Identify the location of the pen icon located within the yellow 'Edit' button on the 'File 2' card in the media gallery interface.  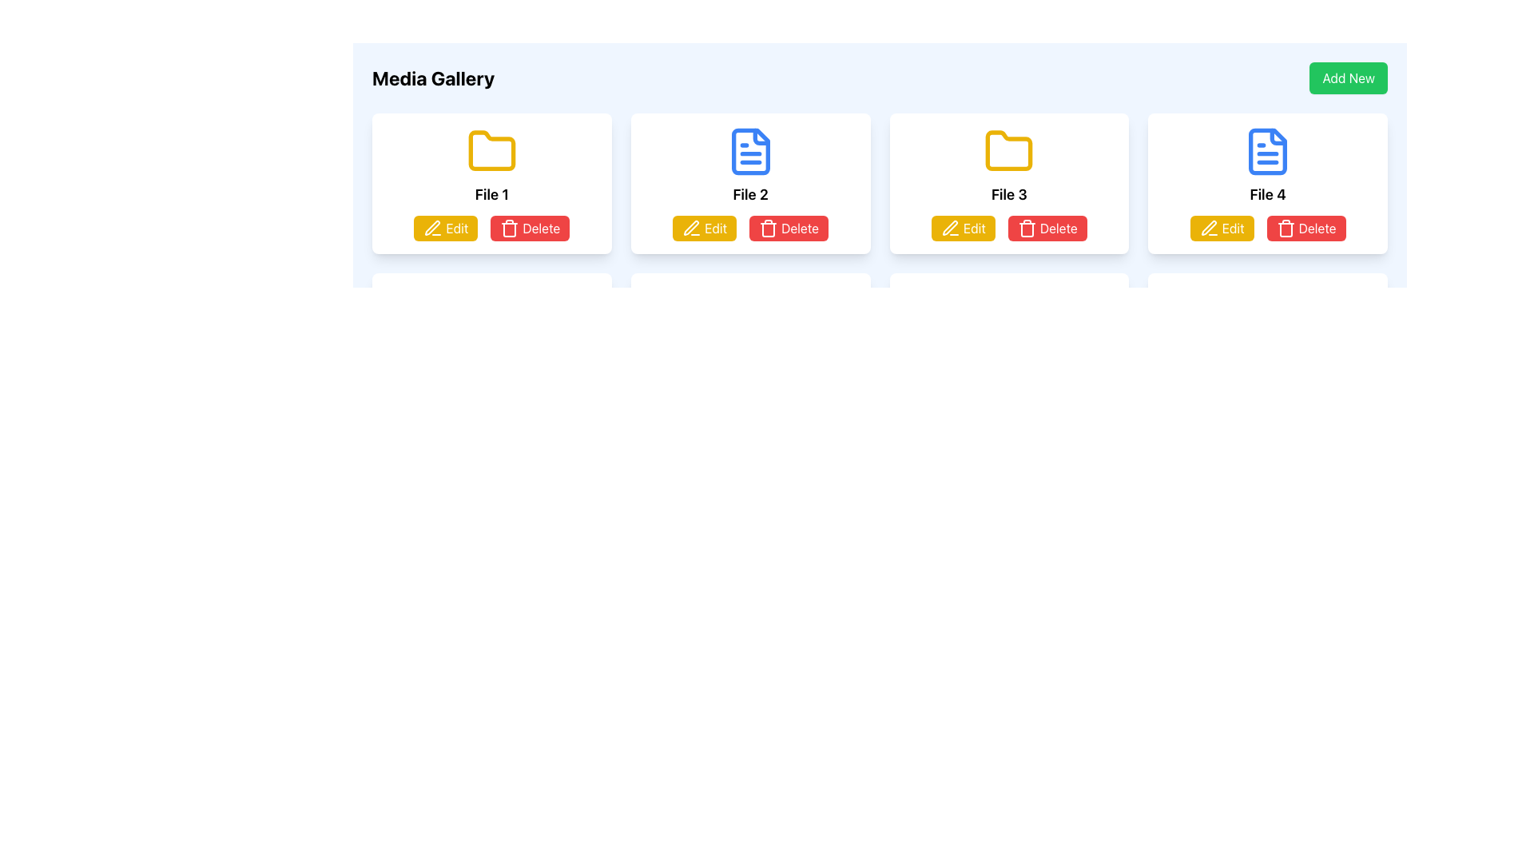
(692, 228).